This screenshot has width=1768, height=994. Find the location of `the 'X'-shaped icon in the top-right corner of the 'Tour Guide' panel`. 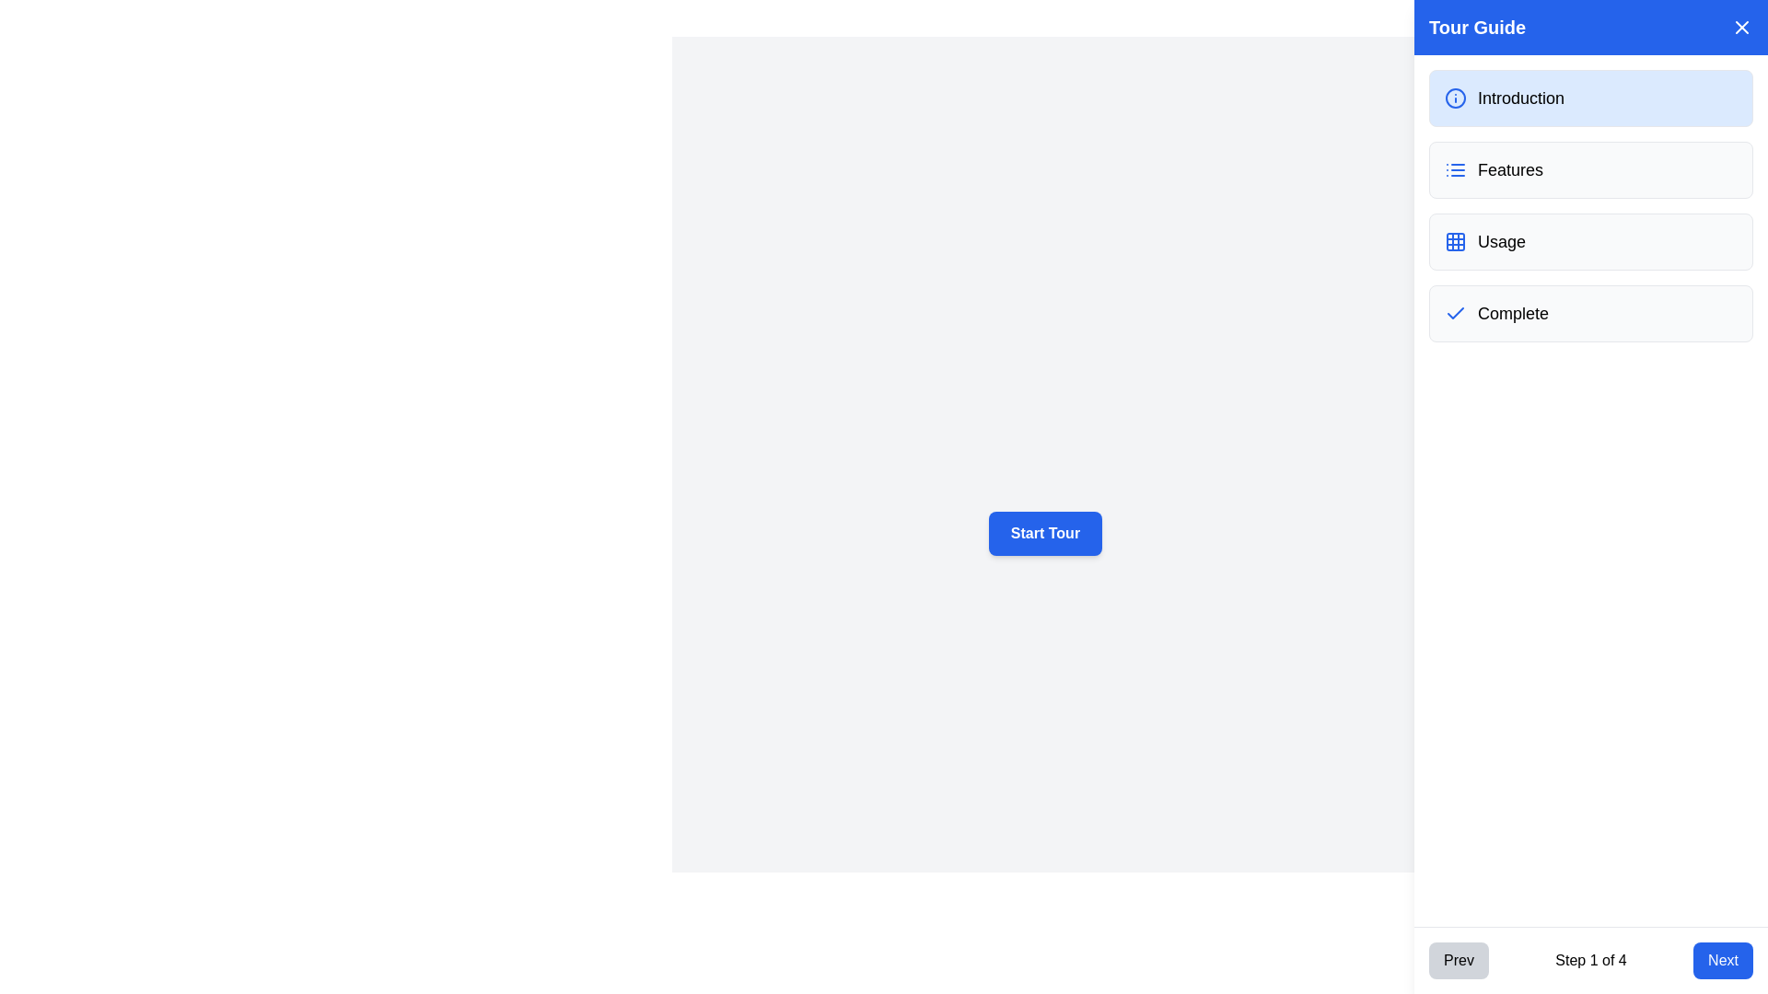

the 'X'-shaped icon in the top-right corner of the 'Tour Guide' panel is located at coordinates (1740, 28).